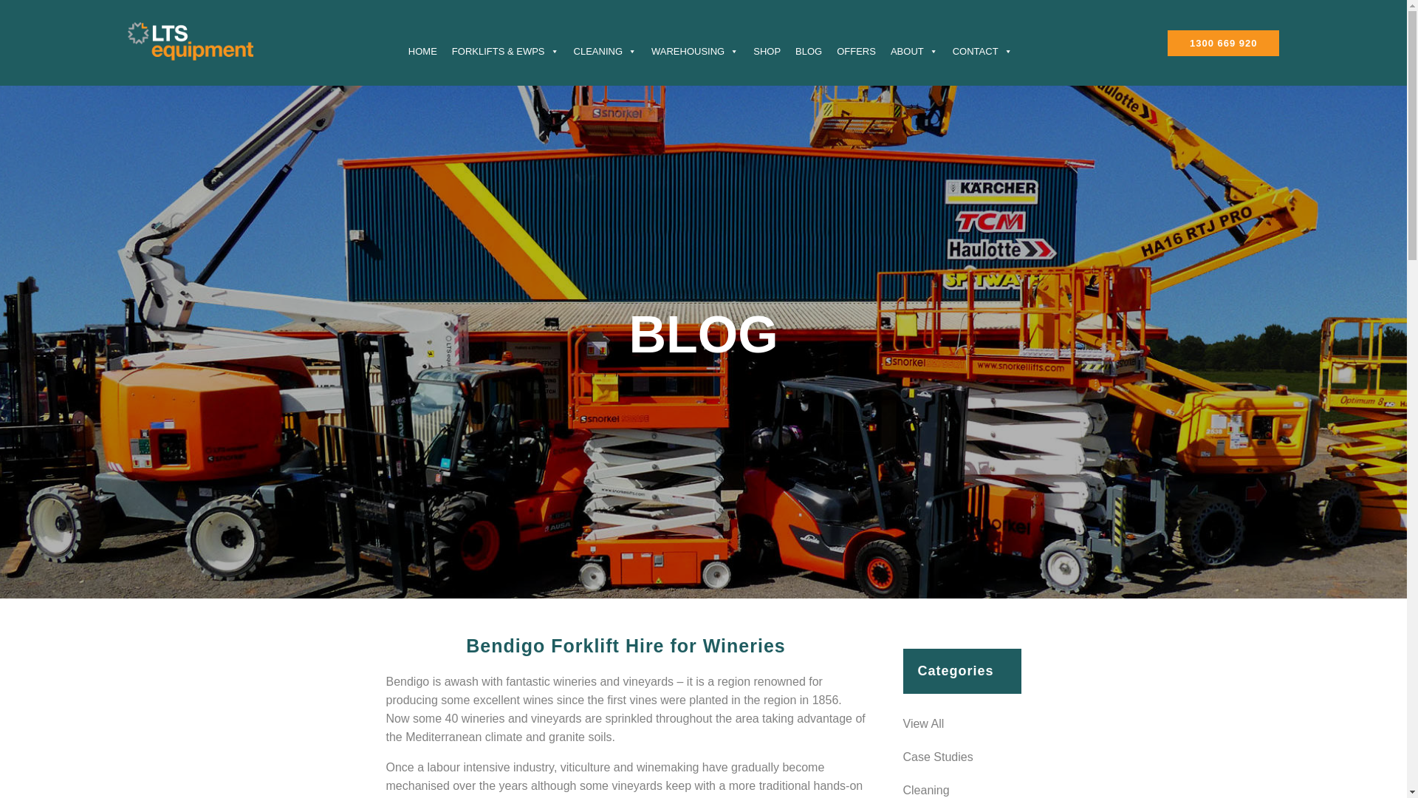 This screenshot has width=1418, height=798. What do you see at coordinates (914, 50) in the screenshot?
I see `'ABOUT'` at bounding box center [914, 50].